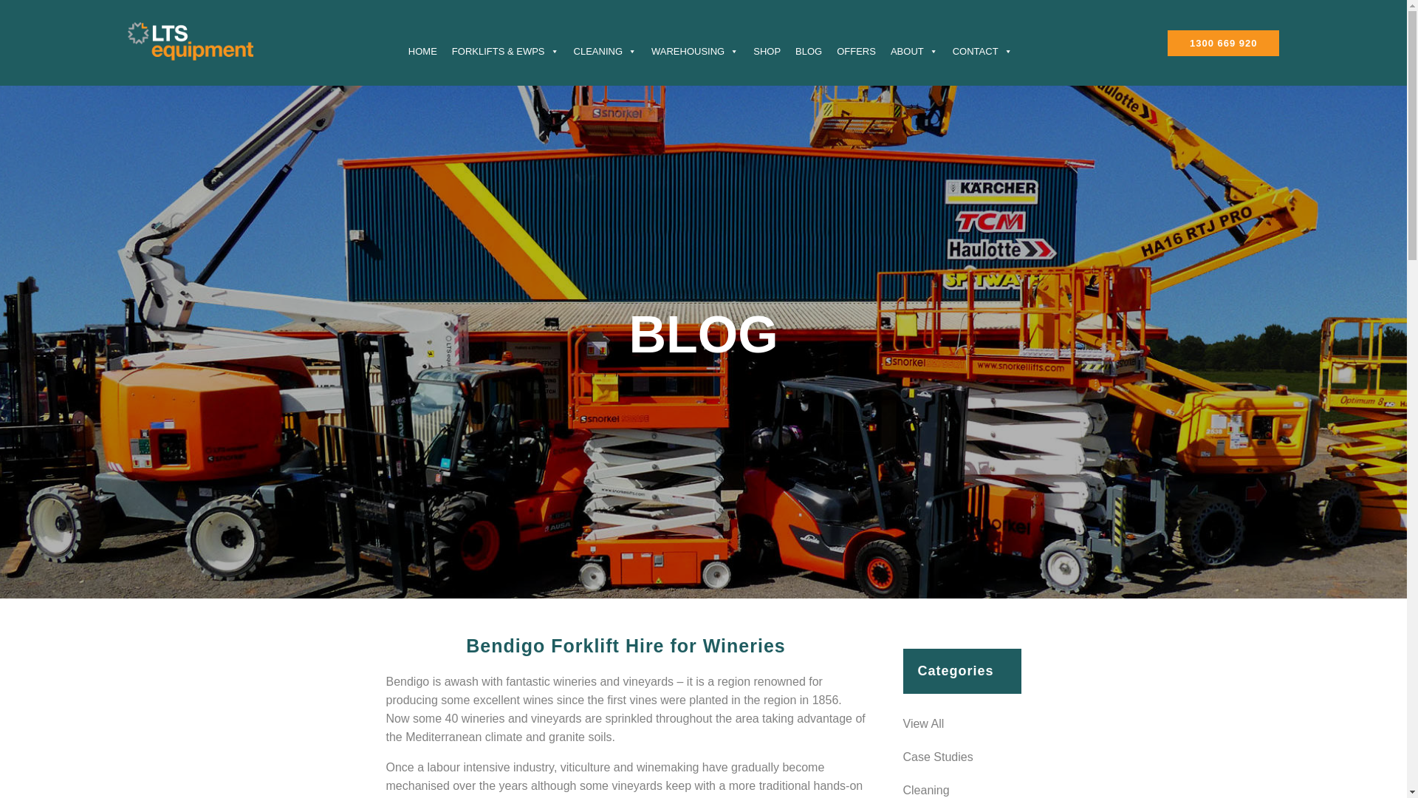 This screenshot has width=1418, height=798. What do you see at coordinates (914, 50) in the screenshot?
I see `'ABOUT'` at bounding box center [914, 50].